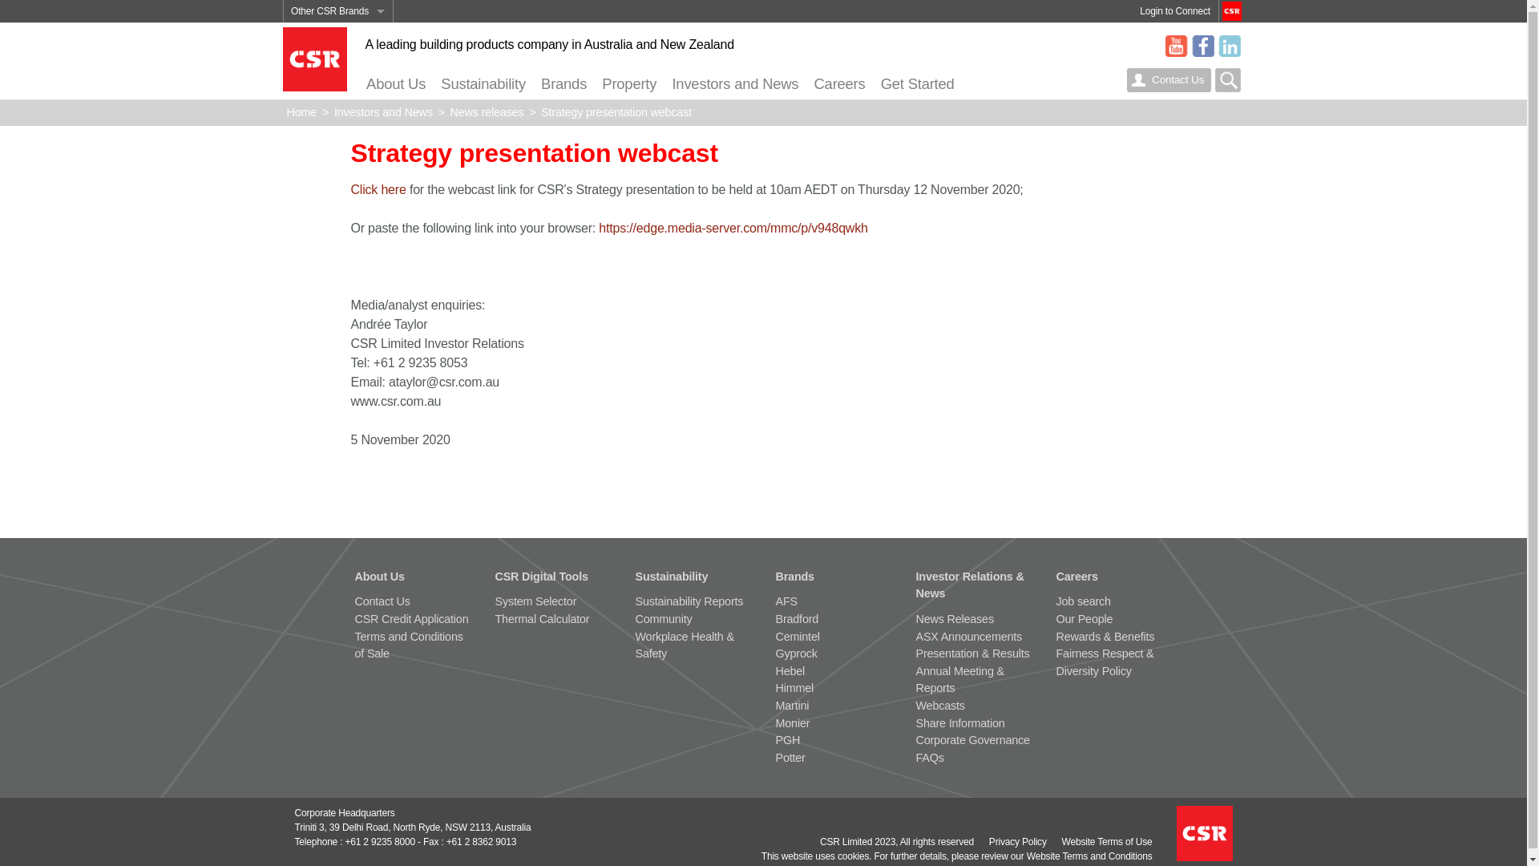 The image size is (1539, 866). Describe the element at coordinates (1089, 855) in the screenshot. I see `'Website Terms and Conditions'` at that location.